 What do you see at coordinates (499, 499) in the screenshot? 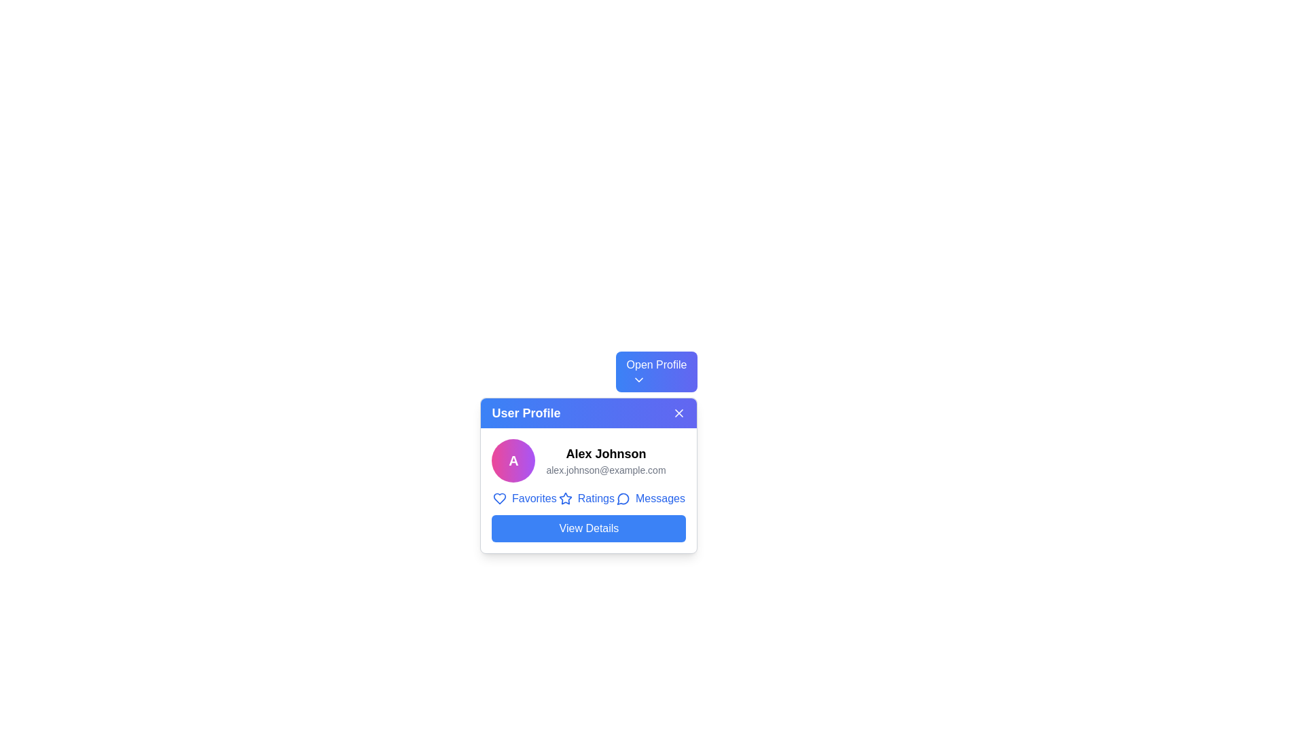
I see `the heart-shaped icon located at the leftmost side of the horizontal group containing 'Favorites'` at bounding box center [499, 499].